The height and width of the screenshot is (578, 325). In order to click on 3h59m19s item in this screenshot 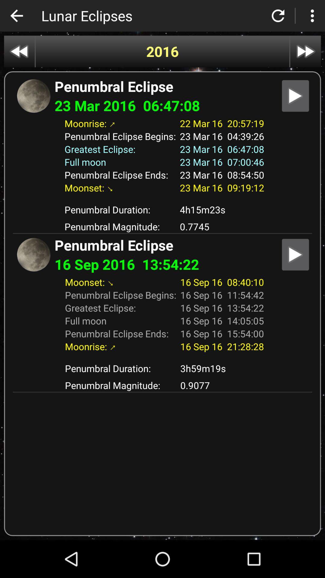, I will do `click(222, 368)`.